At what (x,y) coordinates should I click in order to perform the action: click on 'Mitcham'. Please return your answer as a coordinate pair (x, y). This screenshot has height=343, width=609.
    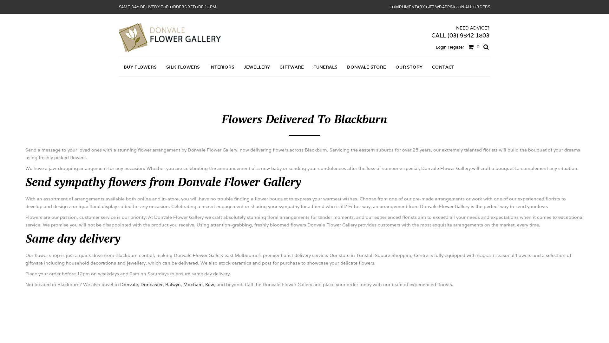
    Looking at the image, I should click on (193, 284).